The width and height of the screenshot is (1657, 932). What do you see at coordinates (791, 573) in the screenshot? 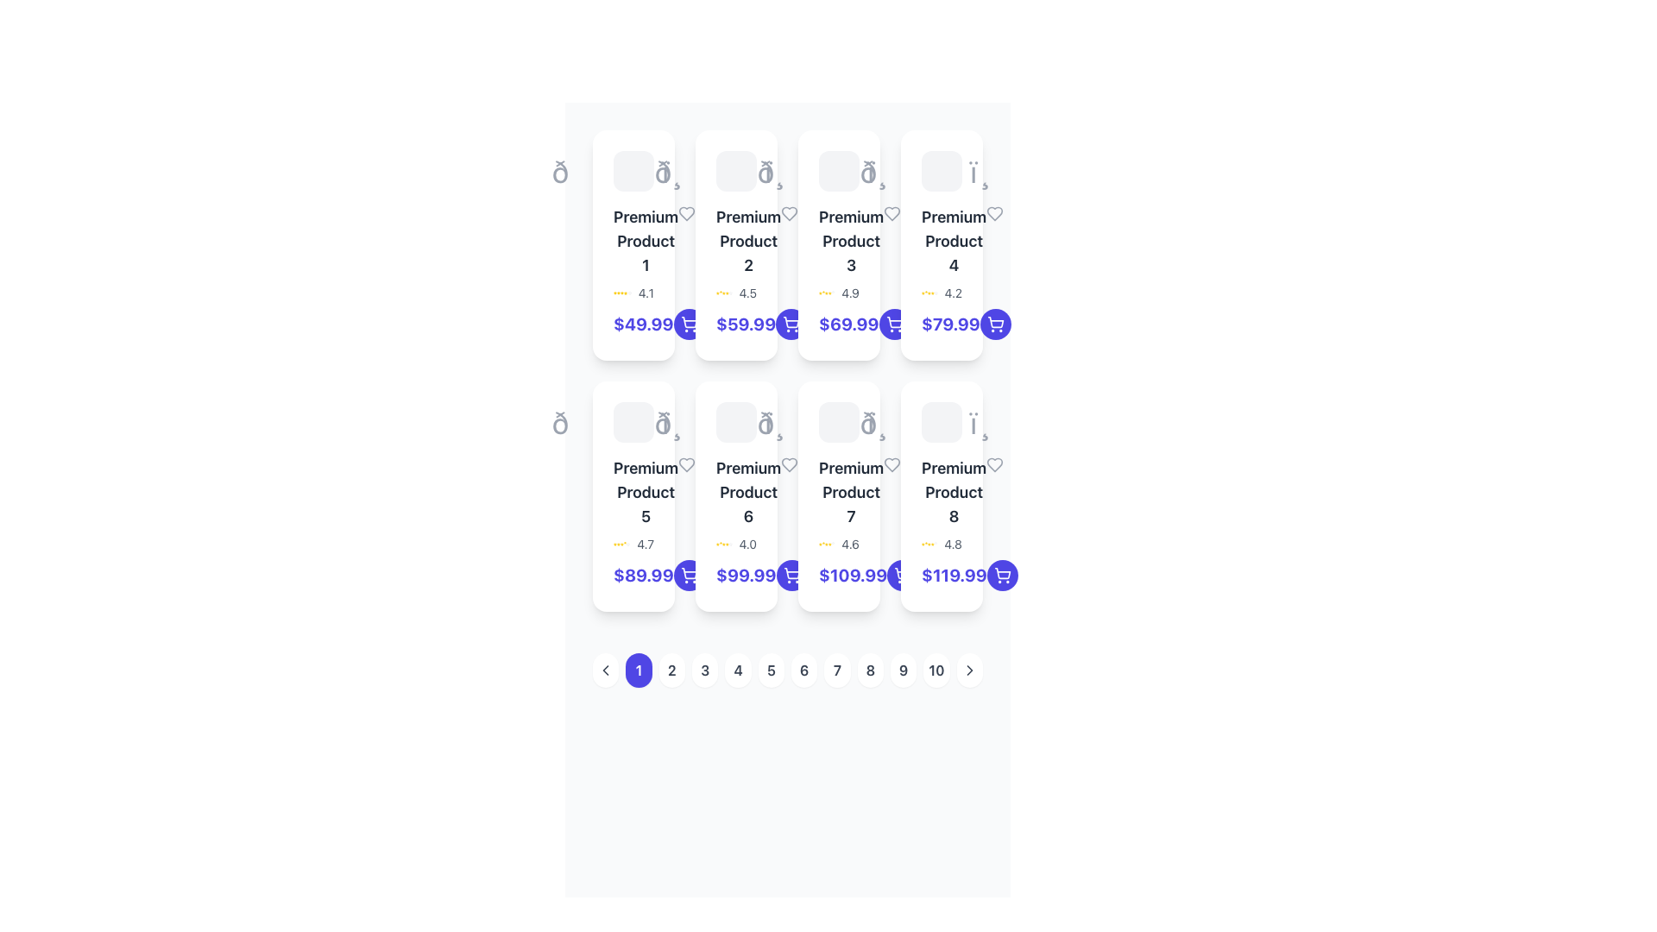
I see `the shopping cart icon located at the bottom right corner of the 'Premium Product 6' card` at bounding box center [791, 573].